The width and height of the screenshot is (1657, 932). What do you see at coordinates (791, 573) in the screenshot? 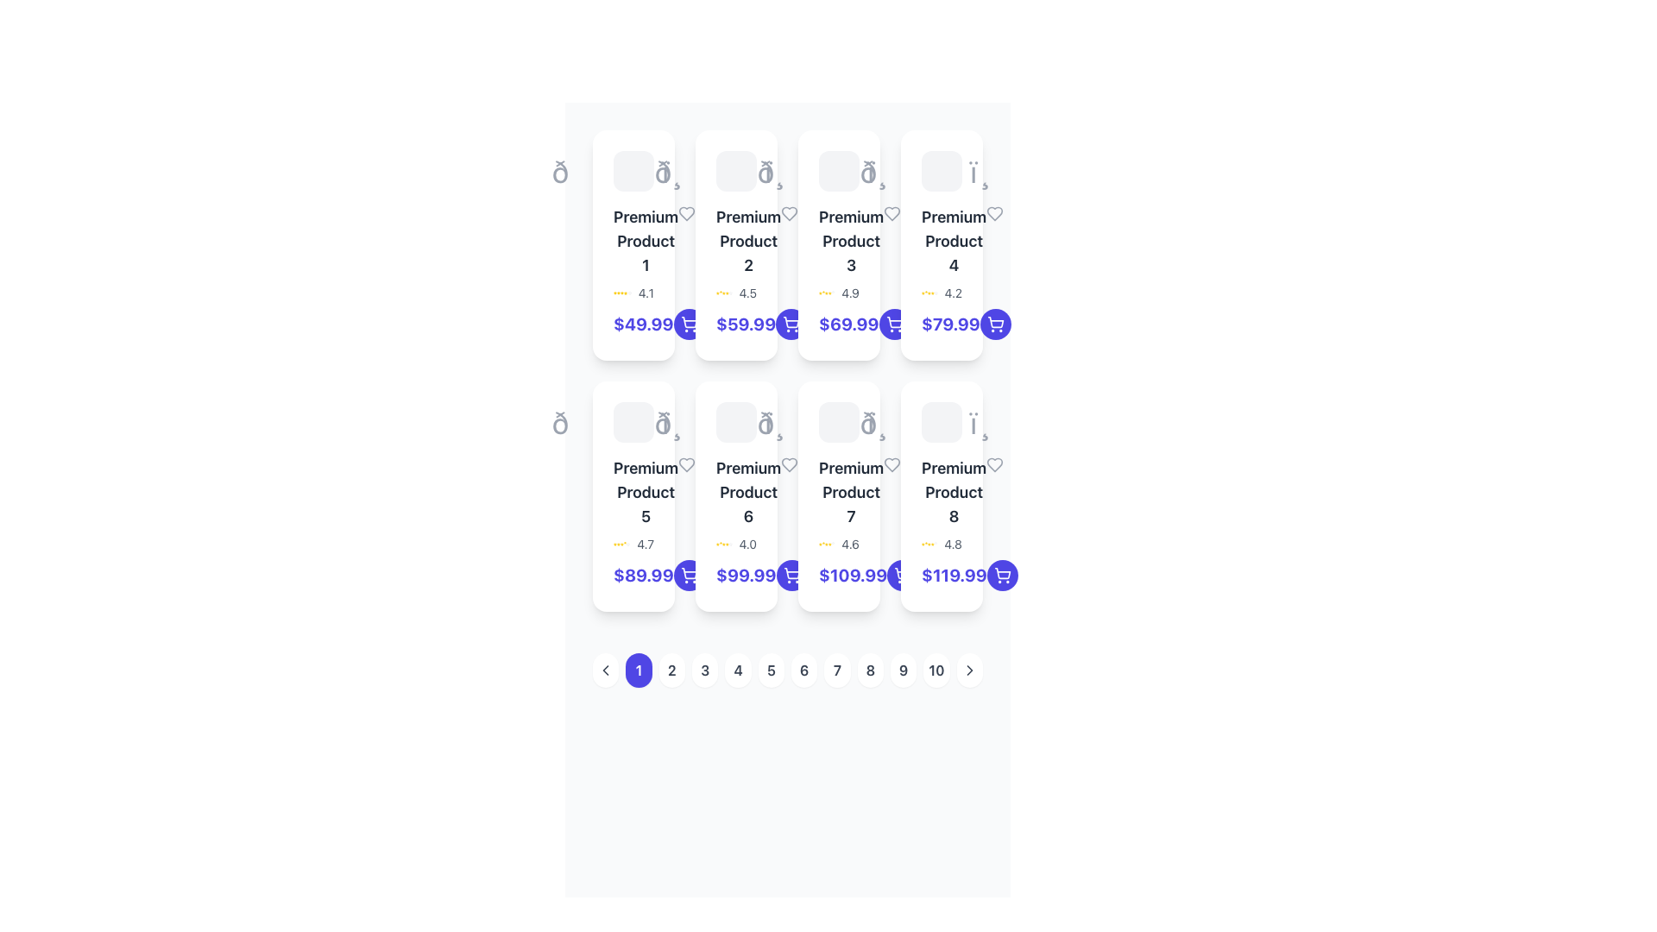
I see `the shopping cart icon located at the bottom right corner of the 'Premium Product 6' card` at bounding box center [791, 573].